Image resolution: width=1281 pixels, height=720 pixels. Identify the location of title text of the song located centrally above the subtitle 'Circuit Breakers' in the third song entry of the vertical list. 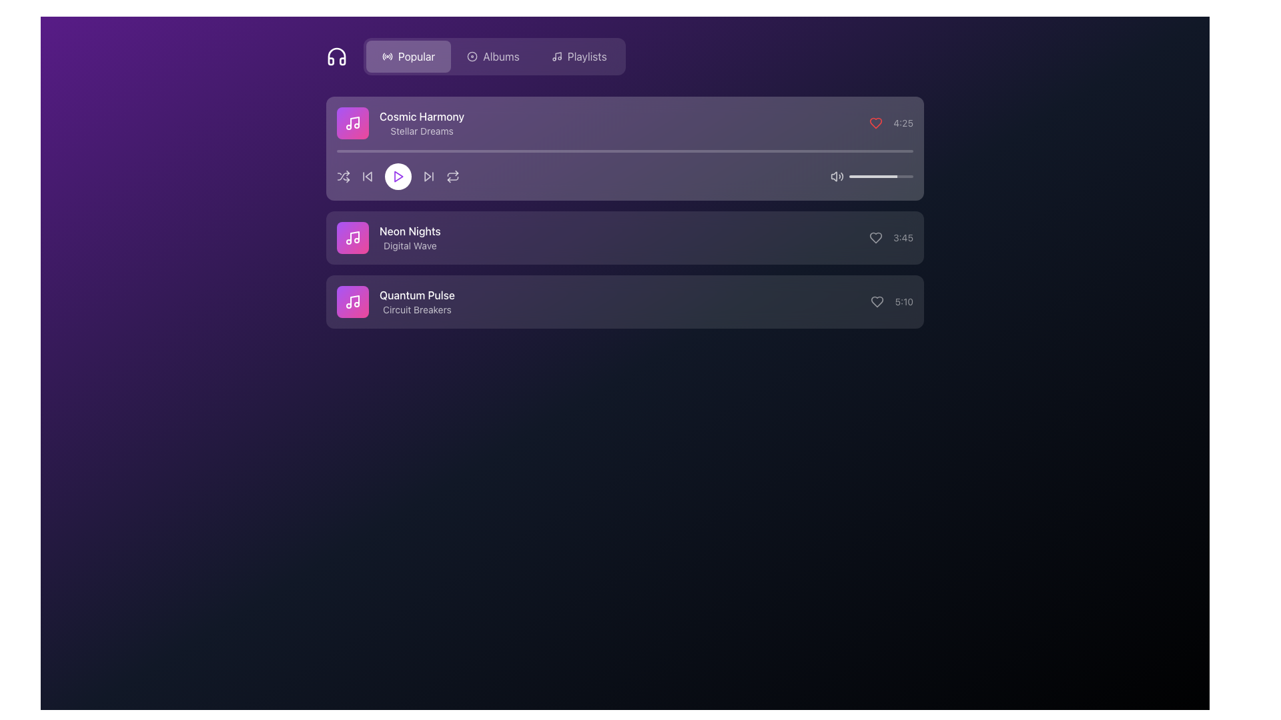
(416, 295).